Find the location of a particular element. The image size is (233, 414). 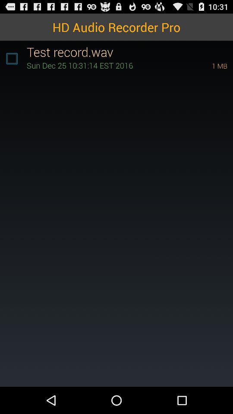

the item below hd audio recorder is located at coordinates (11, 58).